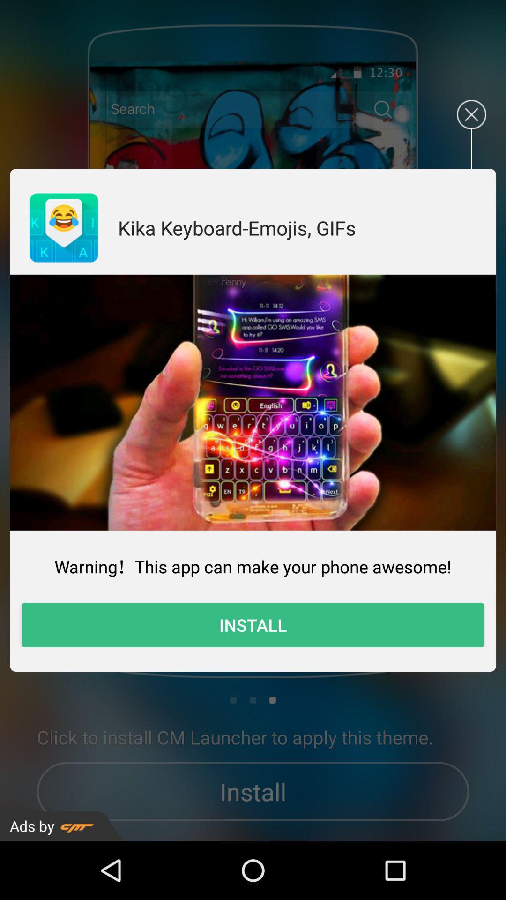 This screenshot has height=900, width=506. Describe the element at coordinates (236, 227) in the screenshot. I see `the kika keyboard emojis item` at that location.